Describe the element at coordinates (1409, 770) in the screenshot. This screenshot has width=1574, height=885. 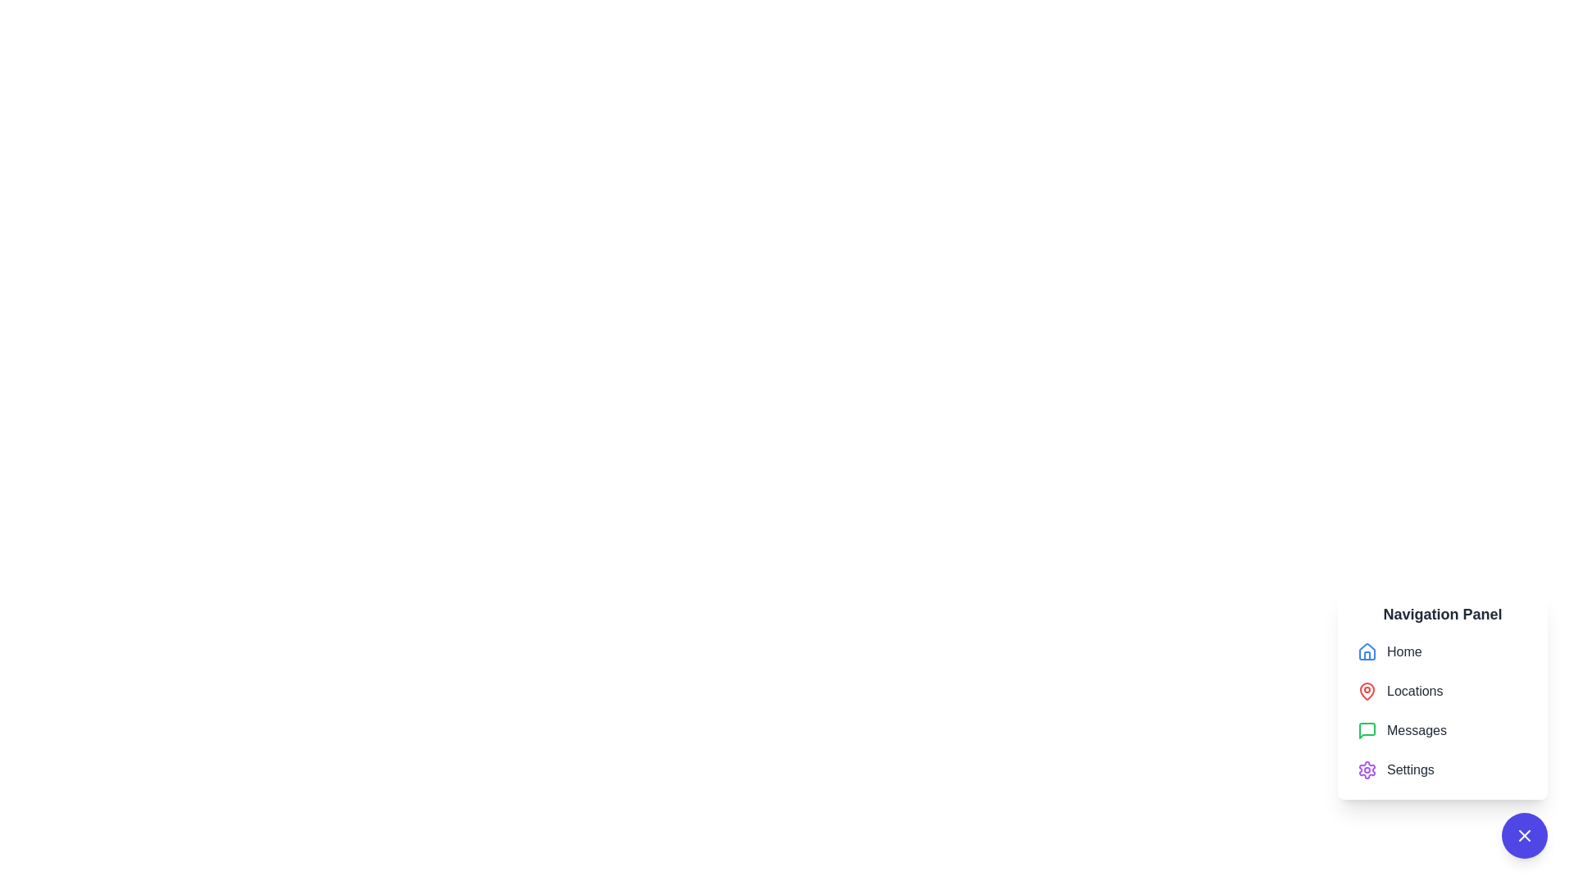
I see `the 'Settings' static text label, which is styled in gray and located at the bottom of the navigation panel next to a settings gear icon` at that location.